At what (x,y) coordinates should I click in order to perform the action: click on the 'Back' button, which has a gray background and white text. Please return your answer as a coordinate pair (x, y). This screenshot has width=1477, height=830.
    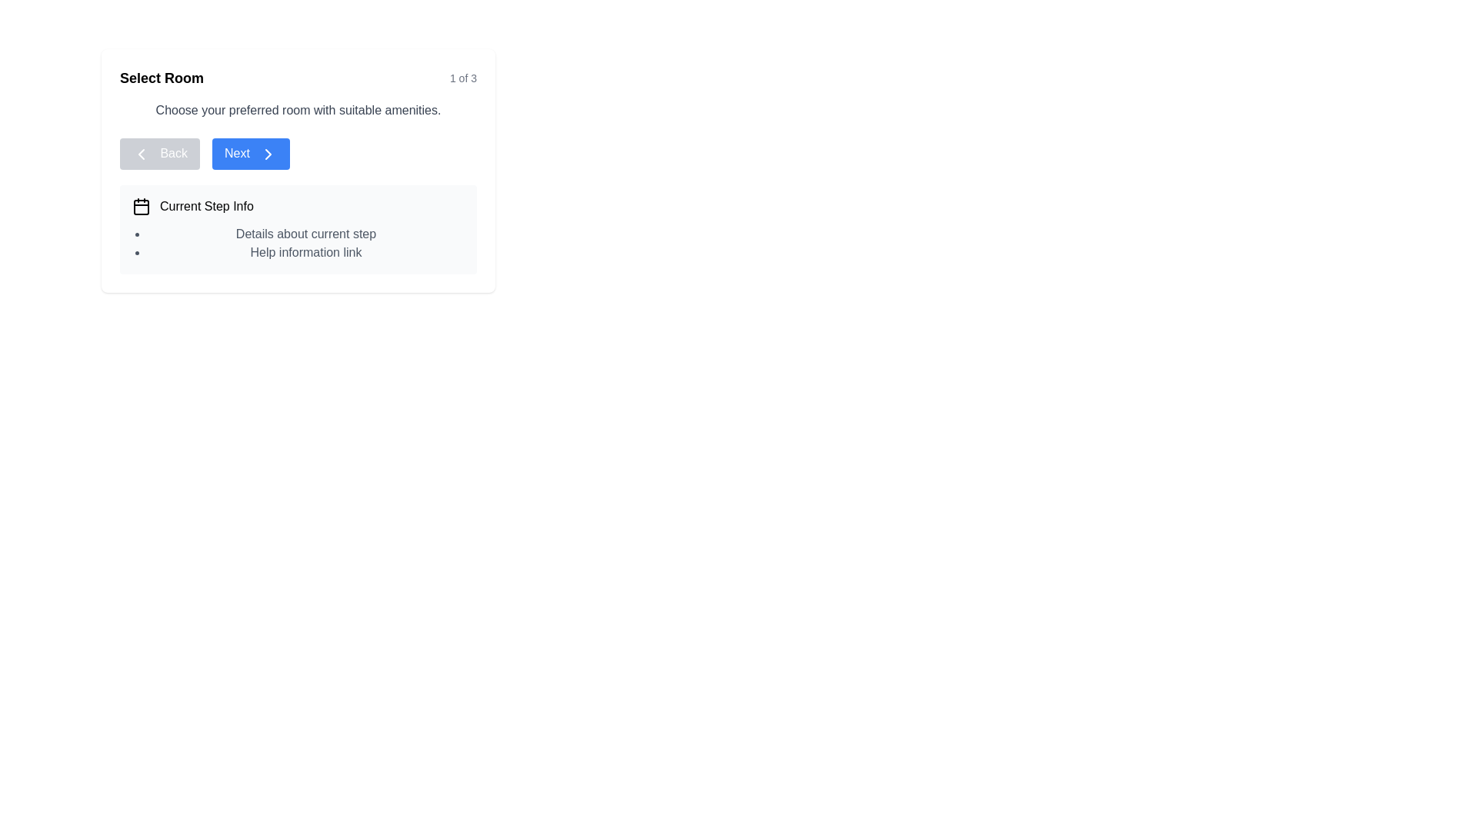
    Looking at the image, I should click on (159, 154).